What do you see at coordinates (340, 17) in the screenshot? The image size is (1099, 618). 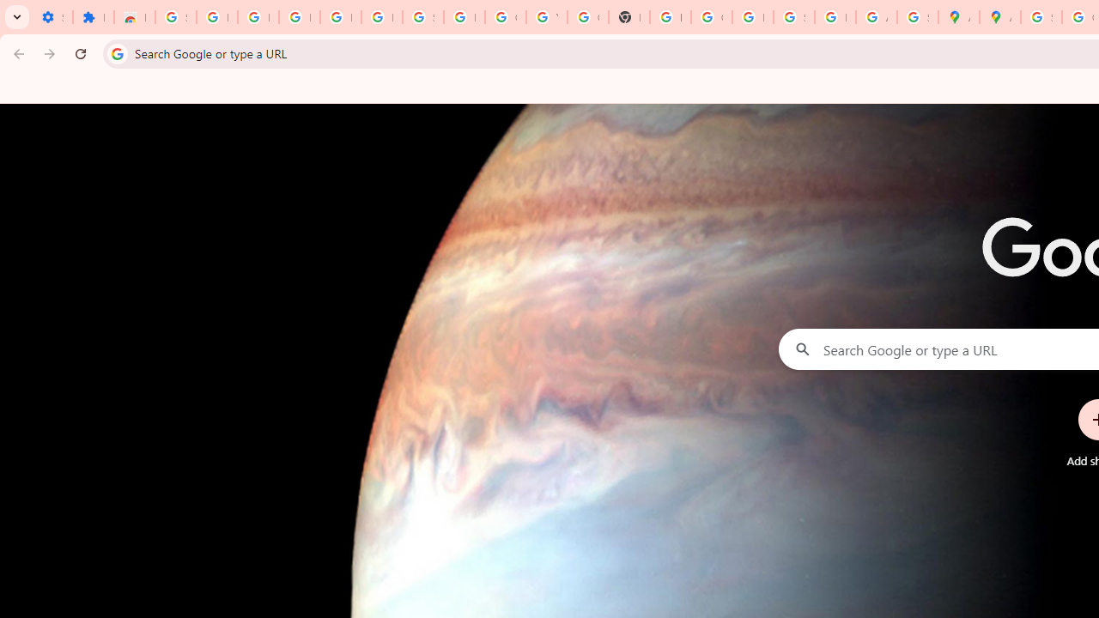 I see `'Learn how to find your photos - Google Photos Help'` at bounding box center [340, 17].